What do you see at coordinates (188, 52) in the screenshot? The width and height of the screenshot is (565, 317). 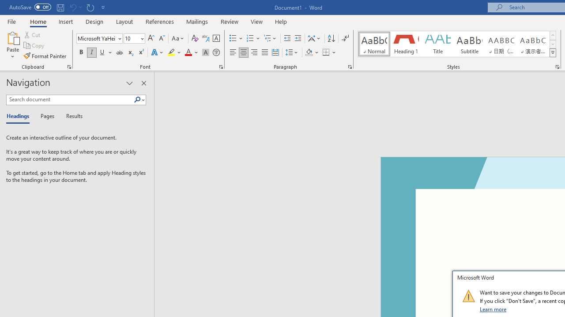 I see `'Font Color Red'` at bounding box center [188, 52].